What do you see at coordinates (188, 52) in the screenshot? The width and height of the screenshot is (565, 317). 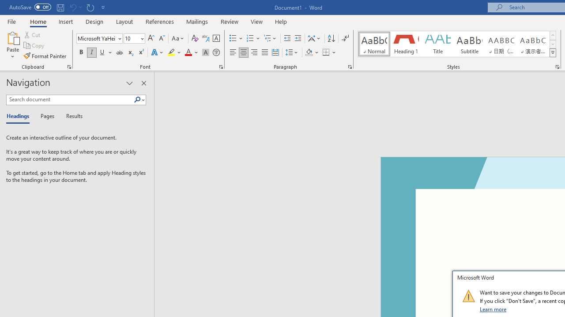 I see `'Font Color Red'` at bounding box center [188, 52].